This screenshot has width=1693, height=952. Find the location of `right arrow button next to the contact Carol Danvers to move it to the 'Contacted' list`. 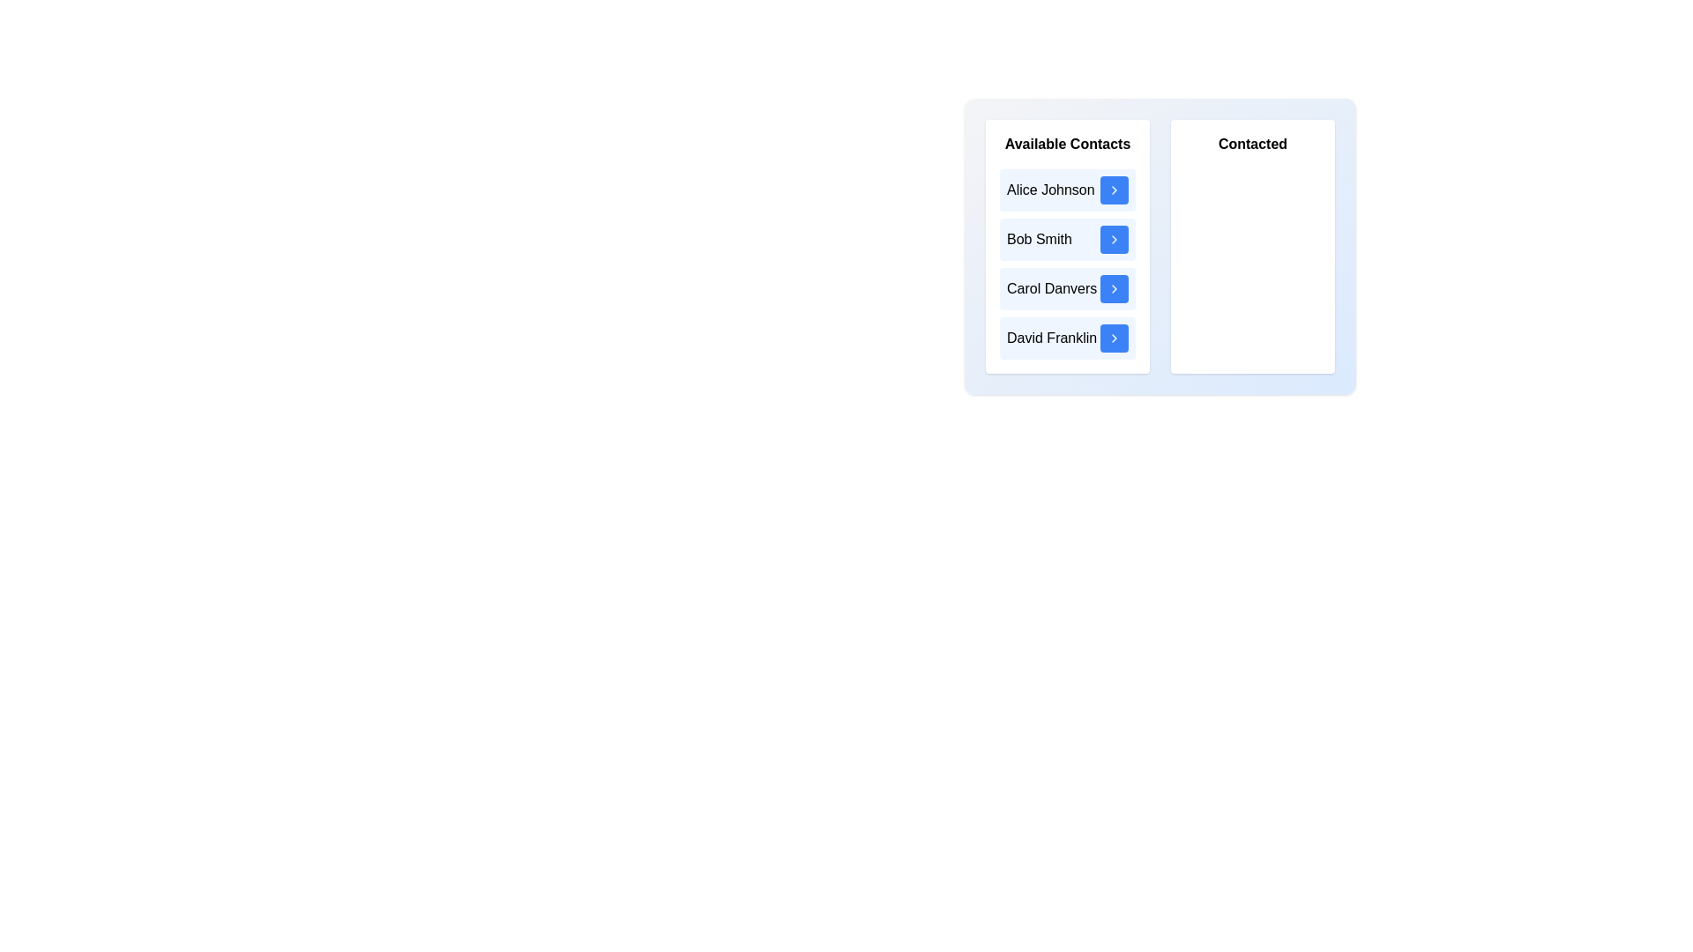

right arrow button next to the contact Carol Danvers to move it to the 'Contacted' list is located at coordinates (1113, 287).